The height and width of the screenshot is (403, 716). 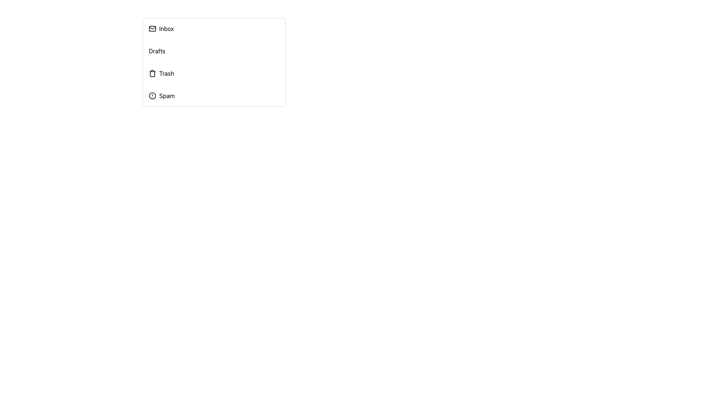 What do you see at coordinates (152, 96) in the screenshot?
I see `the circular shape with a black border and white fill that is part of the icon next to the text label 'Spam'. This element is the fourth in sequence among similar elements` at bounding box center [152, 96].